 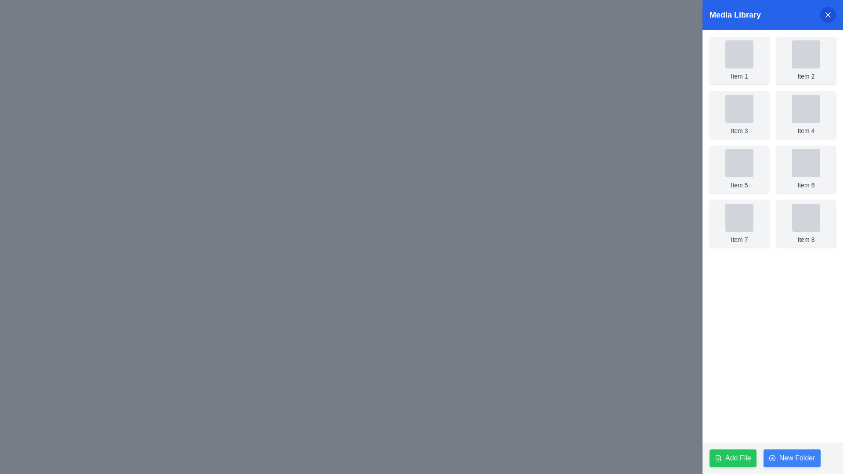 I want to click on the text label 'Item 5' located below the gray thumbnail in the second row and first column of the Media Library panel, so click(x=739, y=184).